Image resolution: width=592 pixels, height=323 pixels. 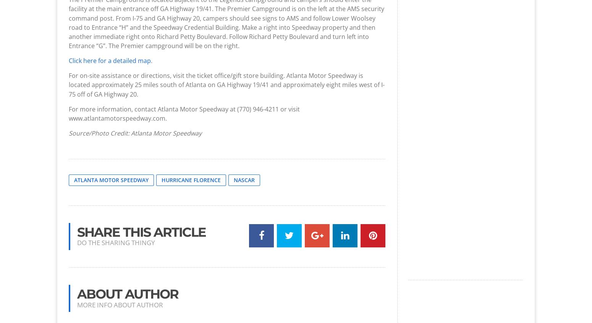 What do you see at coordinates (110, 60) in the screenshot?
I see `'Click here for a detailed map'` at bounding box center [110, 60].